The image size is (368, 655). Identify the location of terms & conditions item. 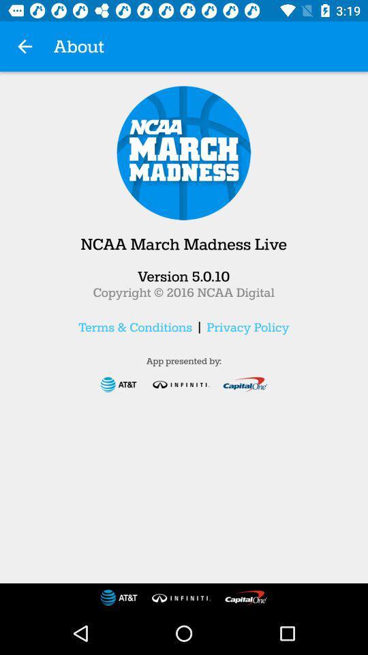
(135, 327).